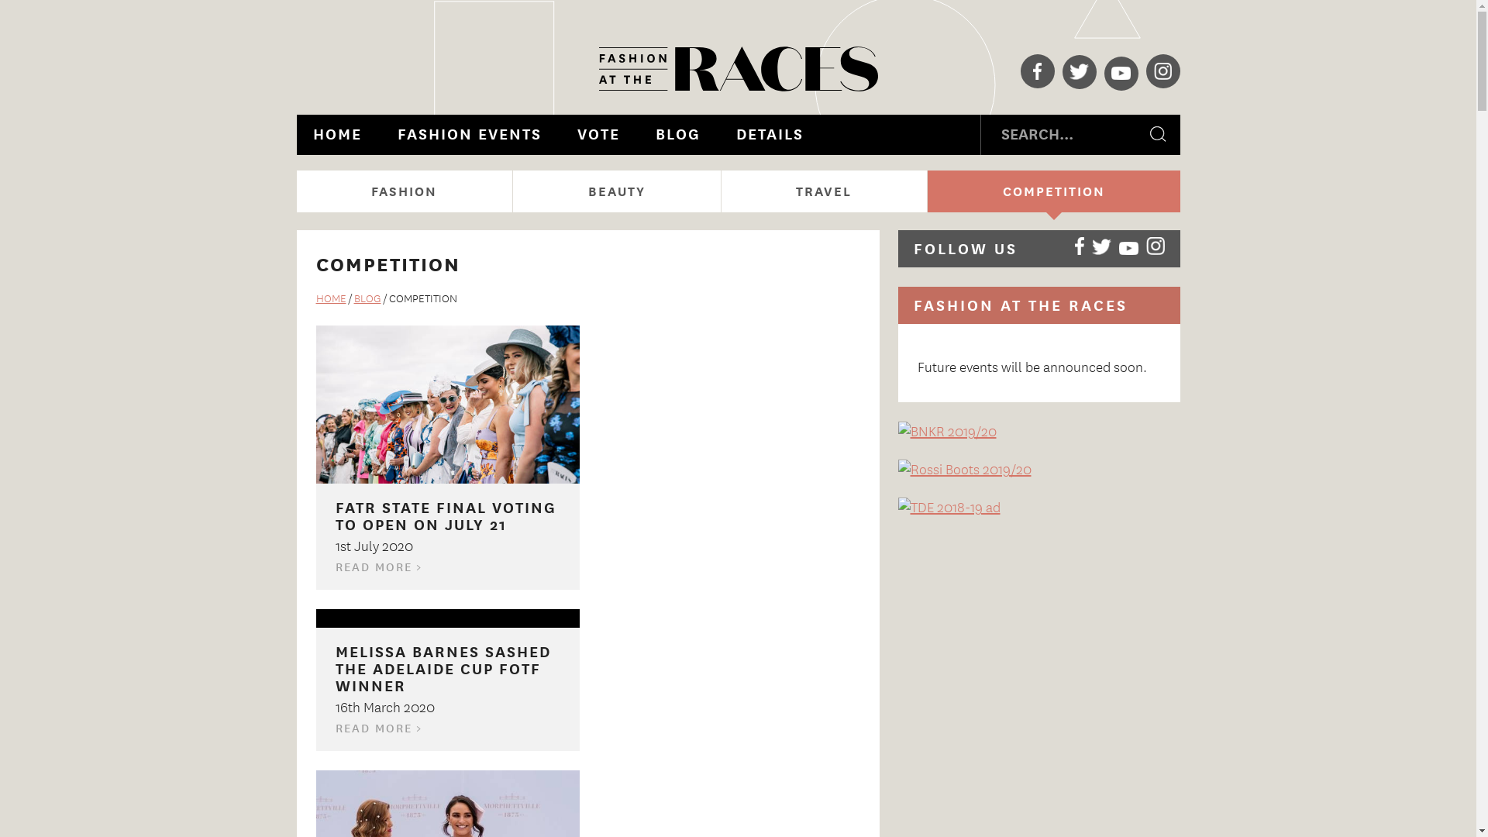  What do you see at coordinates (1053, 190) in the screenshot?
I see `'COMPETITION'` at bounding box center [1053, 190].